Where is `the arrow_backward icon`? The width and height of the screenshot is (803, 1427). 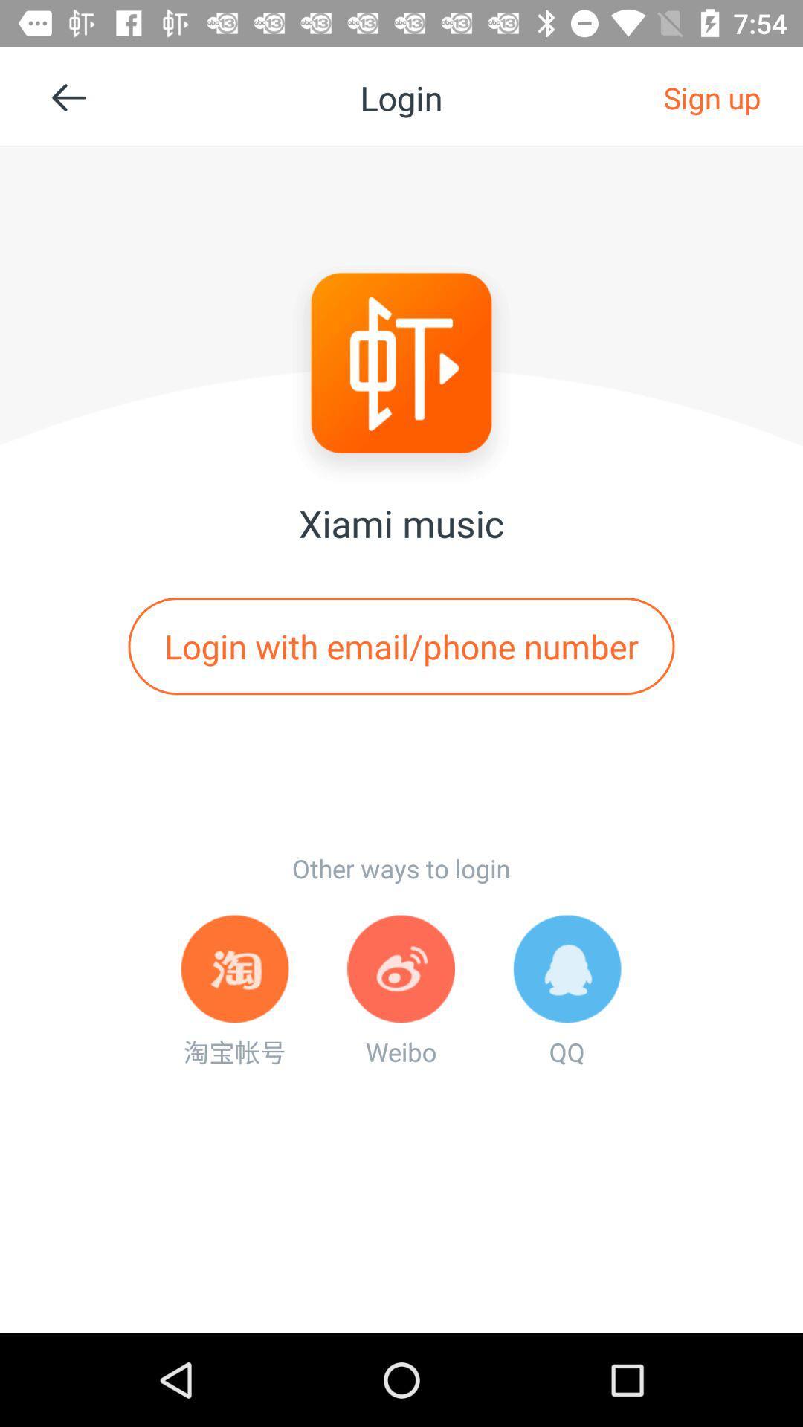
the arrow_backward icon is located at coordinates (75, 103).